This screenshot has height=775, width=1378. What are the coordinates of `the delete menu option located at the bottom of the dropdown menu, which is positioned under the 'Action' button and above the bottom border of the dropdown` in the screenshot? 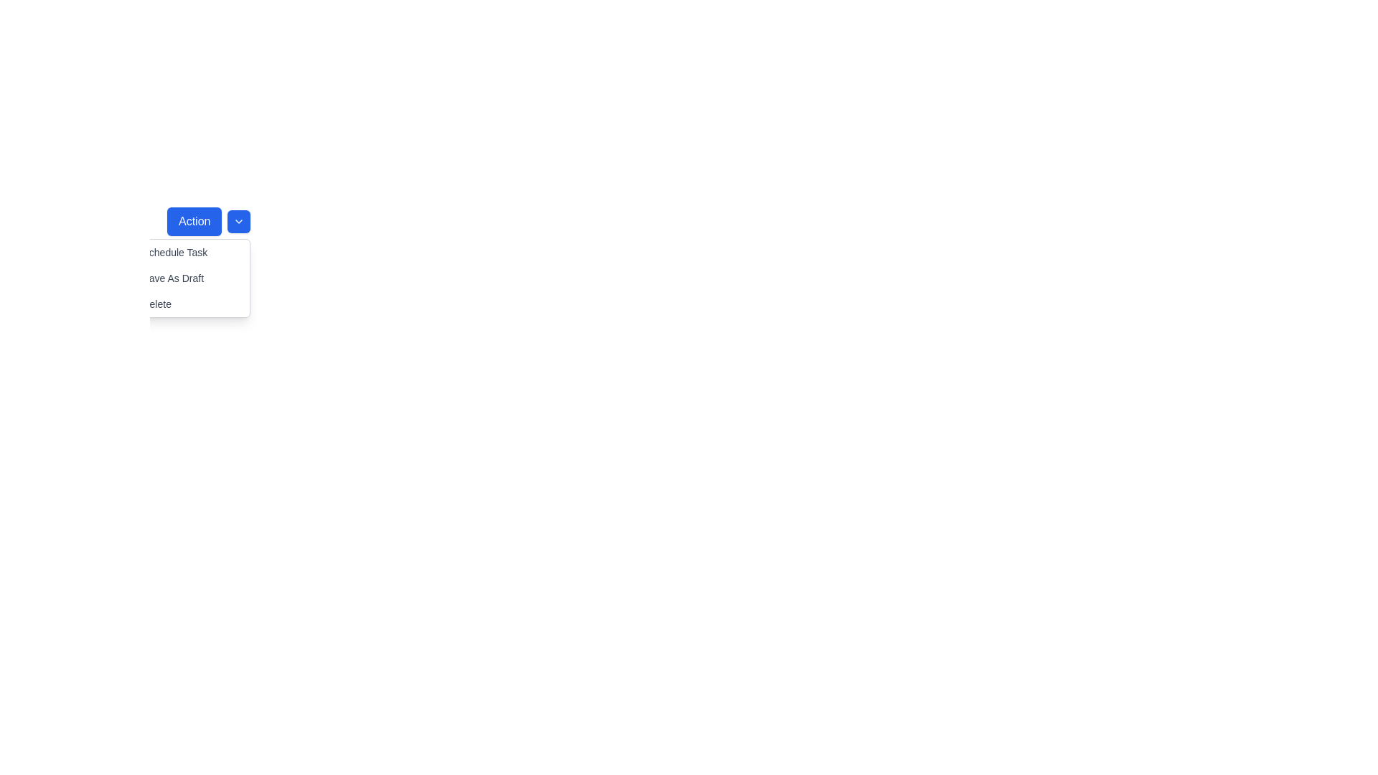 It's located at (181, 304).